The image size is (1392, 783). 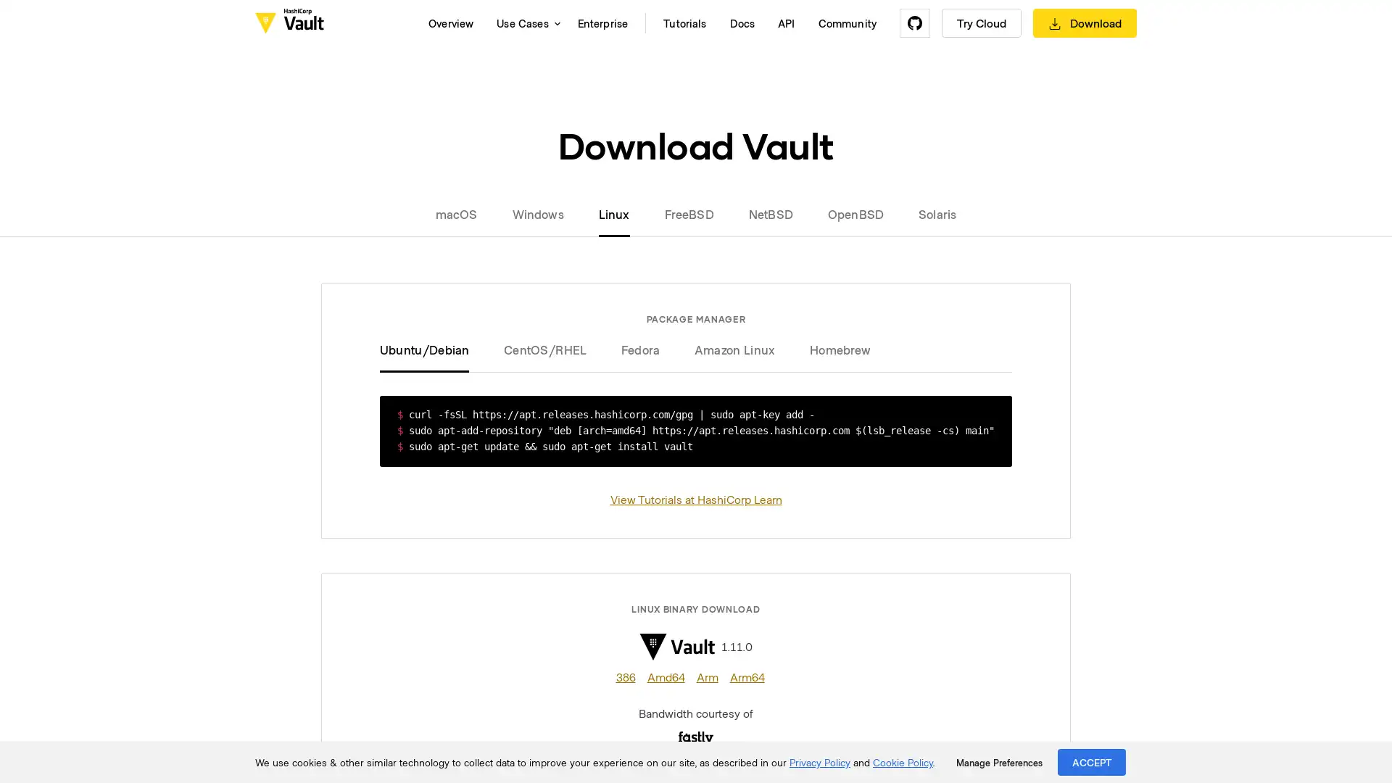 I want to click on Amazon Linux, so click(x=734, y=349).